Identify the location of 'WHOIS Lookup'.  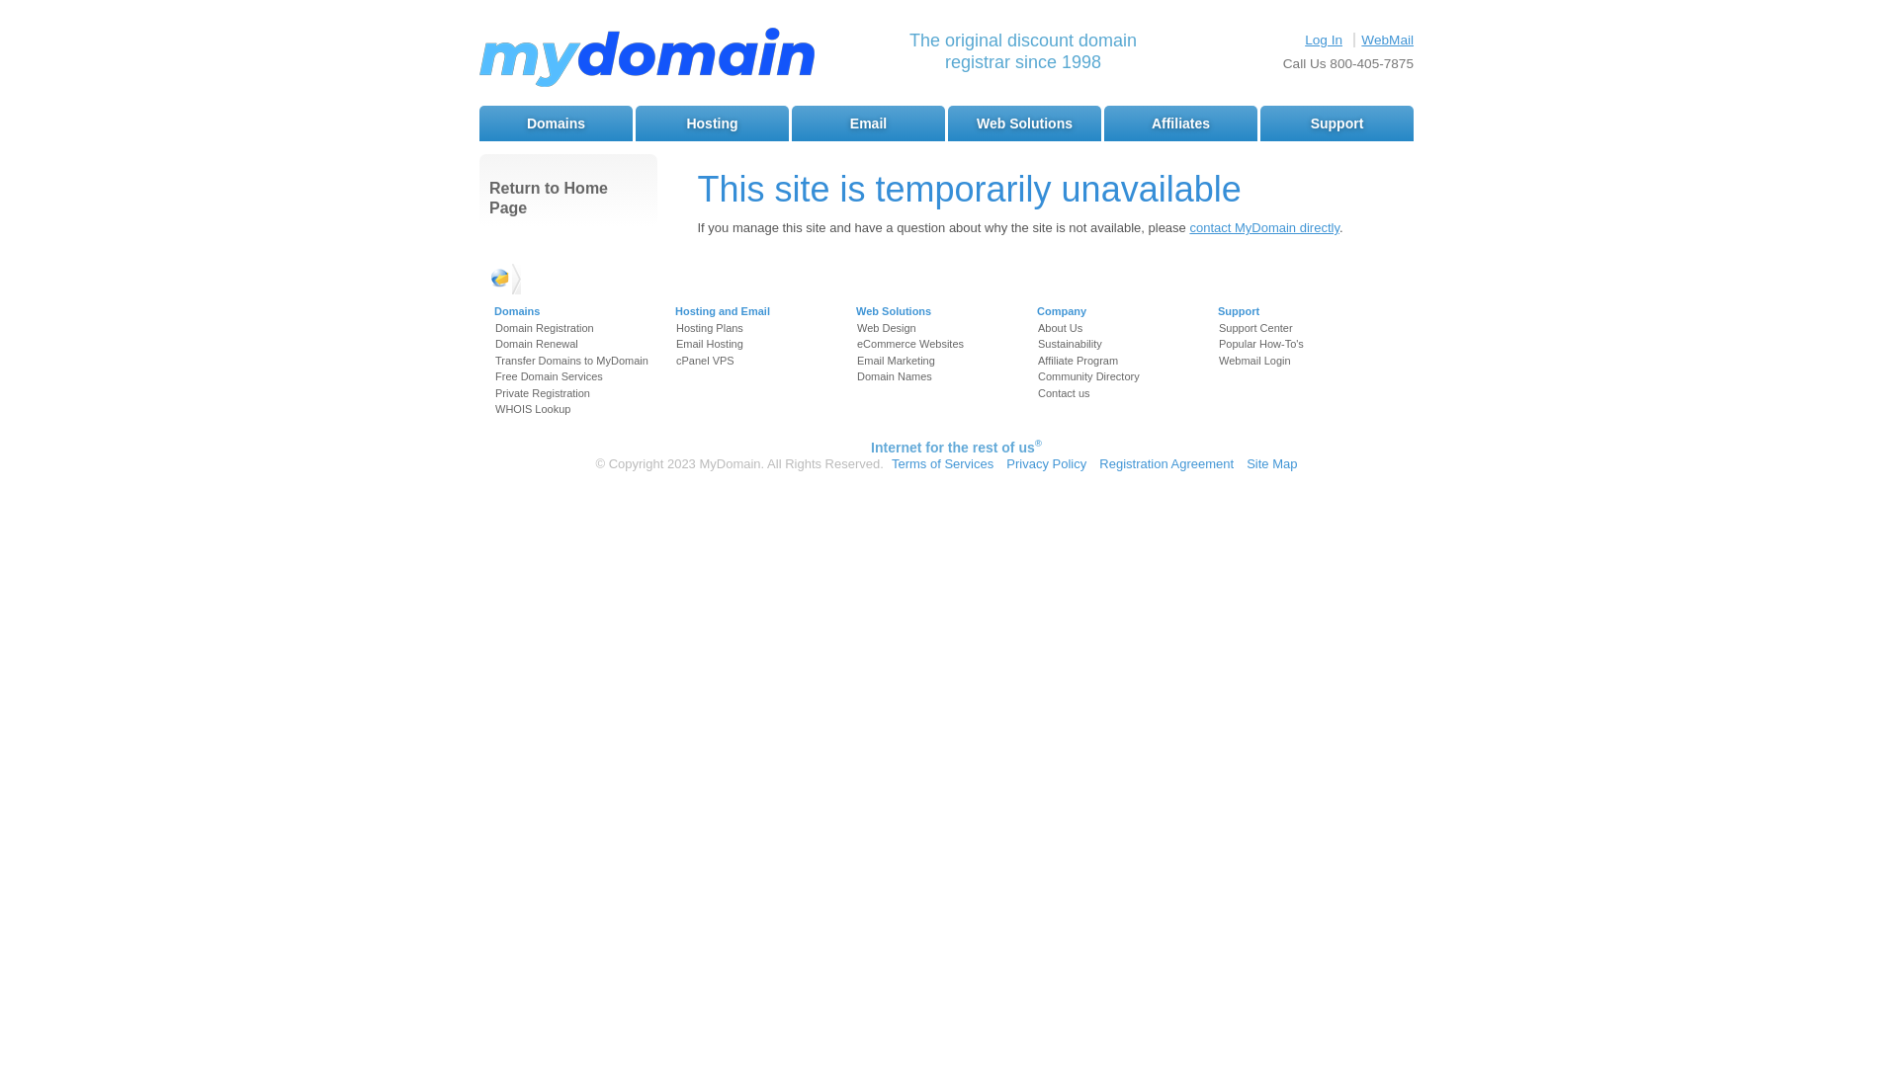
(494, 407).